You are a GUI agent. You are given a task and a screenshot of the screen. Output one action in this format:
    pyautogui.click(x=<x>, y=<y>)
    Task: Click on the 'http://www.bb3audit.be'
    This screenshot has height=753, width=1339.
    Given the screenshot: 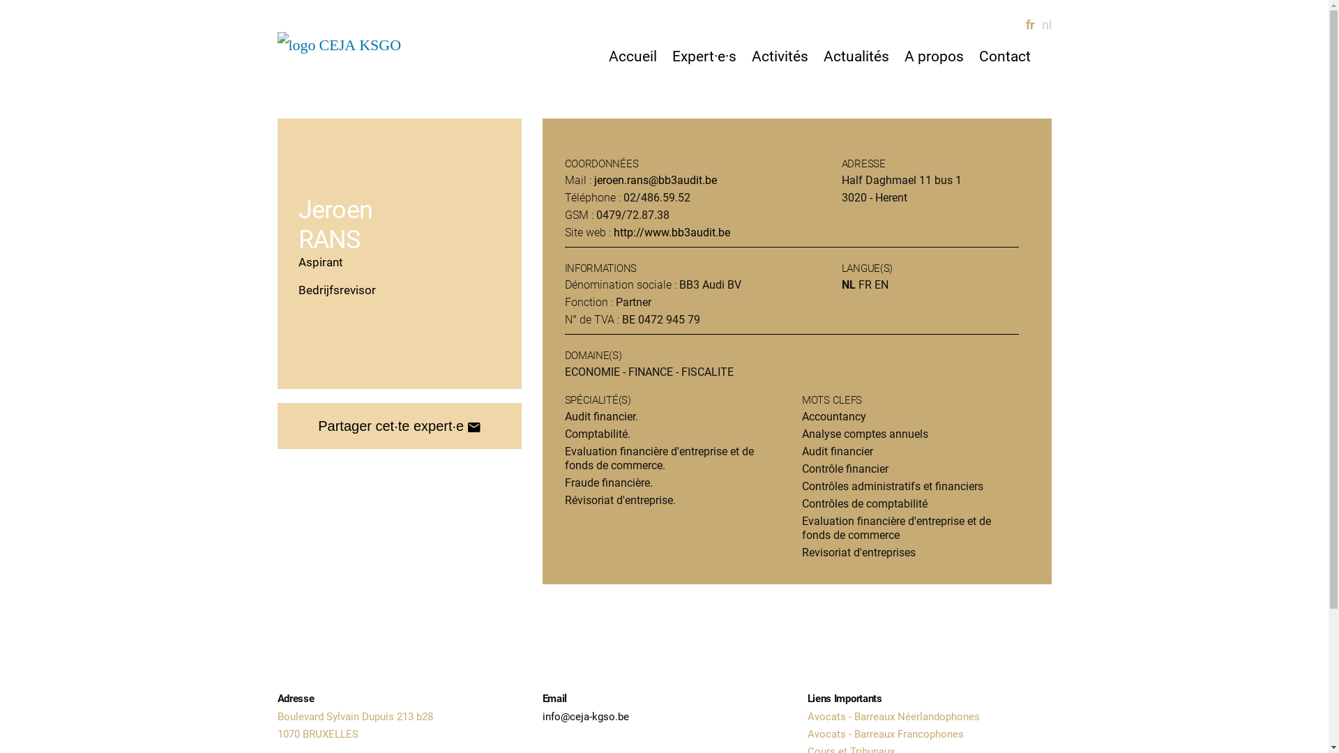 What is the action you would take?
    pyautogui.click(x=672, y=231)
    